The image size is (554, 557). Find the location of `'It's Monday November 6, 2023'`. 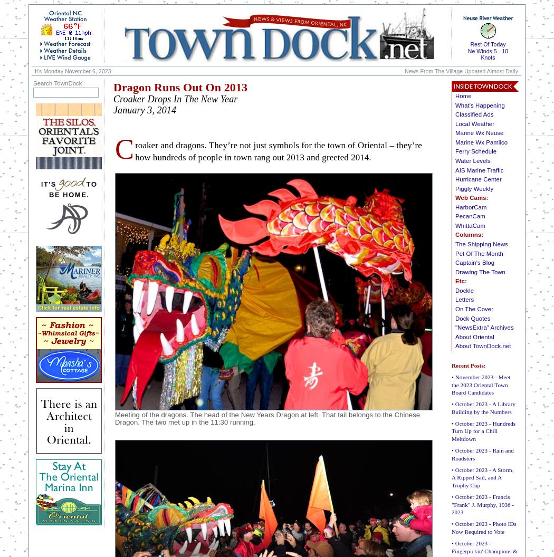

'It's Monday November 6, 2023' is located at coordinates (72, 71).